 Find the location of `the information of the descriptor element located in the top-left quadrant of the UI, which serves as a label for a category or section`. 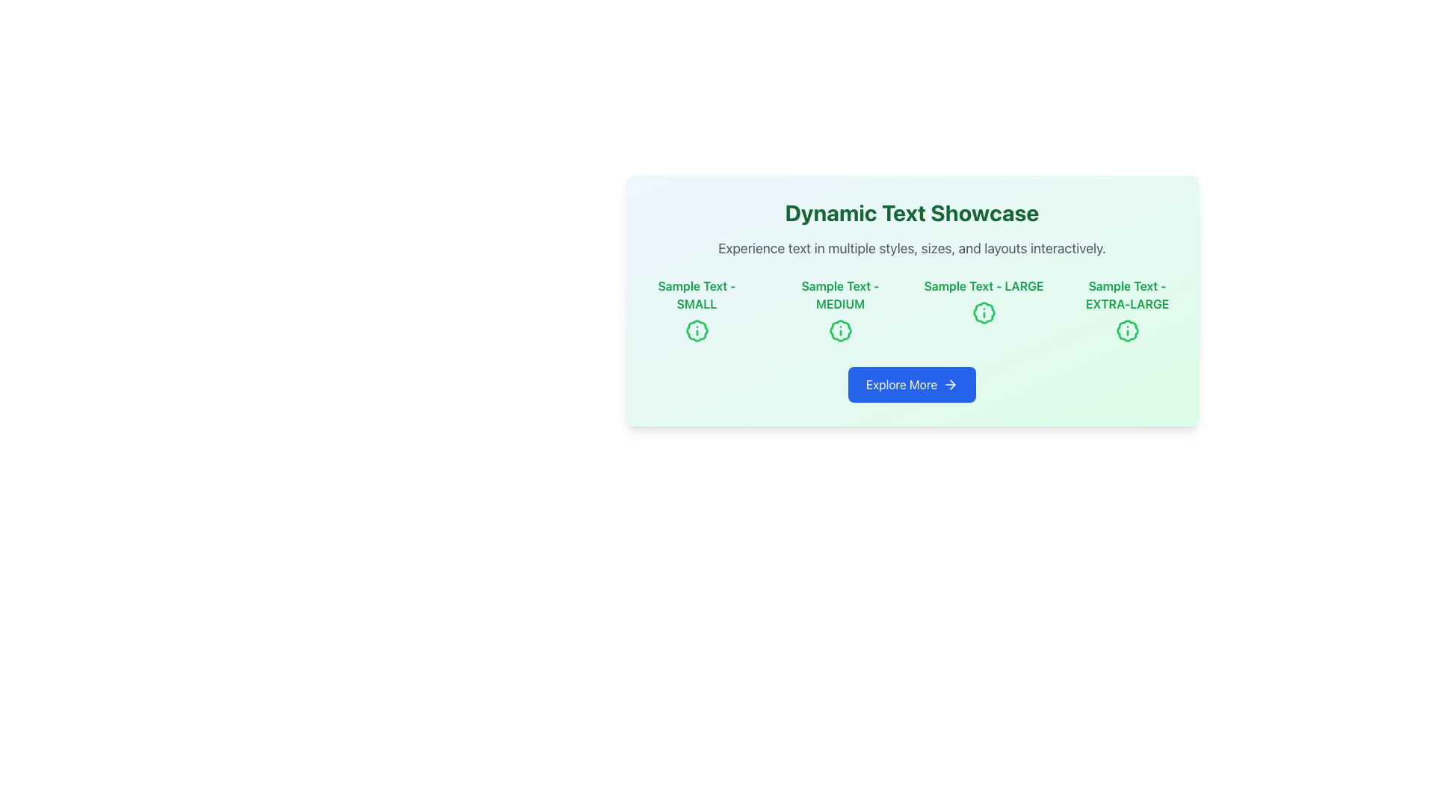

the information of the descriptor element located in the top-left quadrant of the UI, which serves as a label for a category or section is located at coordinates (696, 309).